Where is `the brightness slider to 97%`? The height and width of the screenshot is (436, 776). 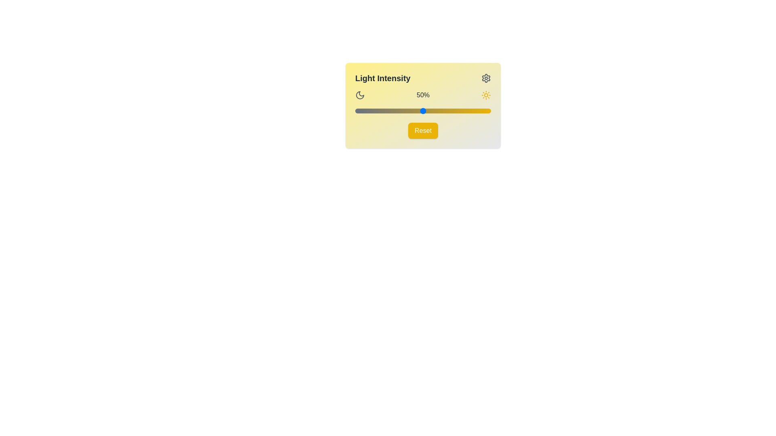
the brightness slider to 97% is located at coordinates (486, 111).